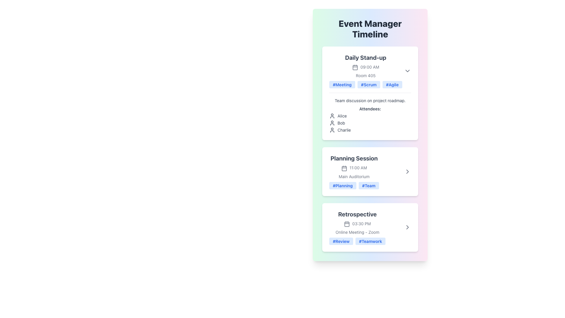 This screenshot has height=318, width=565. I want to click on text label providing additional details about the event located within the 'Daily Stand-up' card, positioned below the tags and above the 'Attendees:' label, so click(370, 100).